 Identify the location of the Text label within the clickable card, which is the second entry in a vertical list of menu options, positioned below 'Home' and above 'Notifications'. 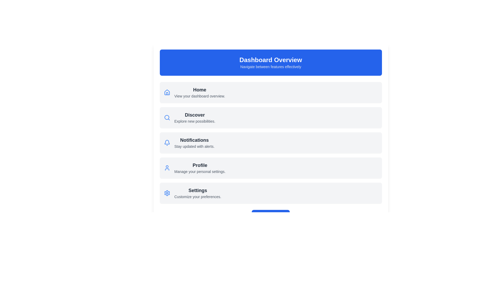
(194, 117).